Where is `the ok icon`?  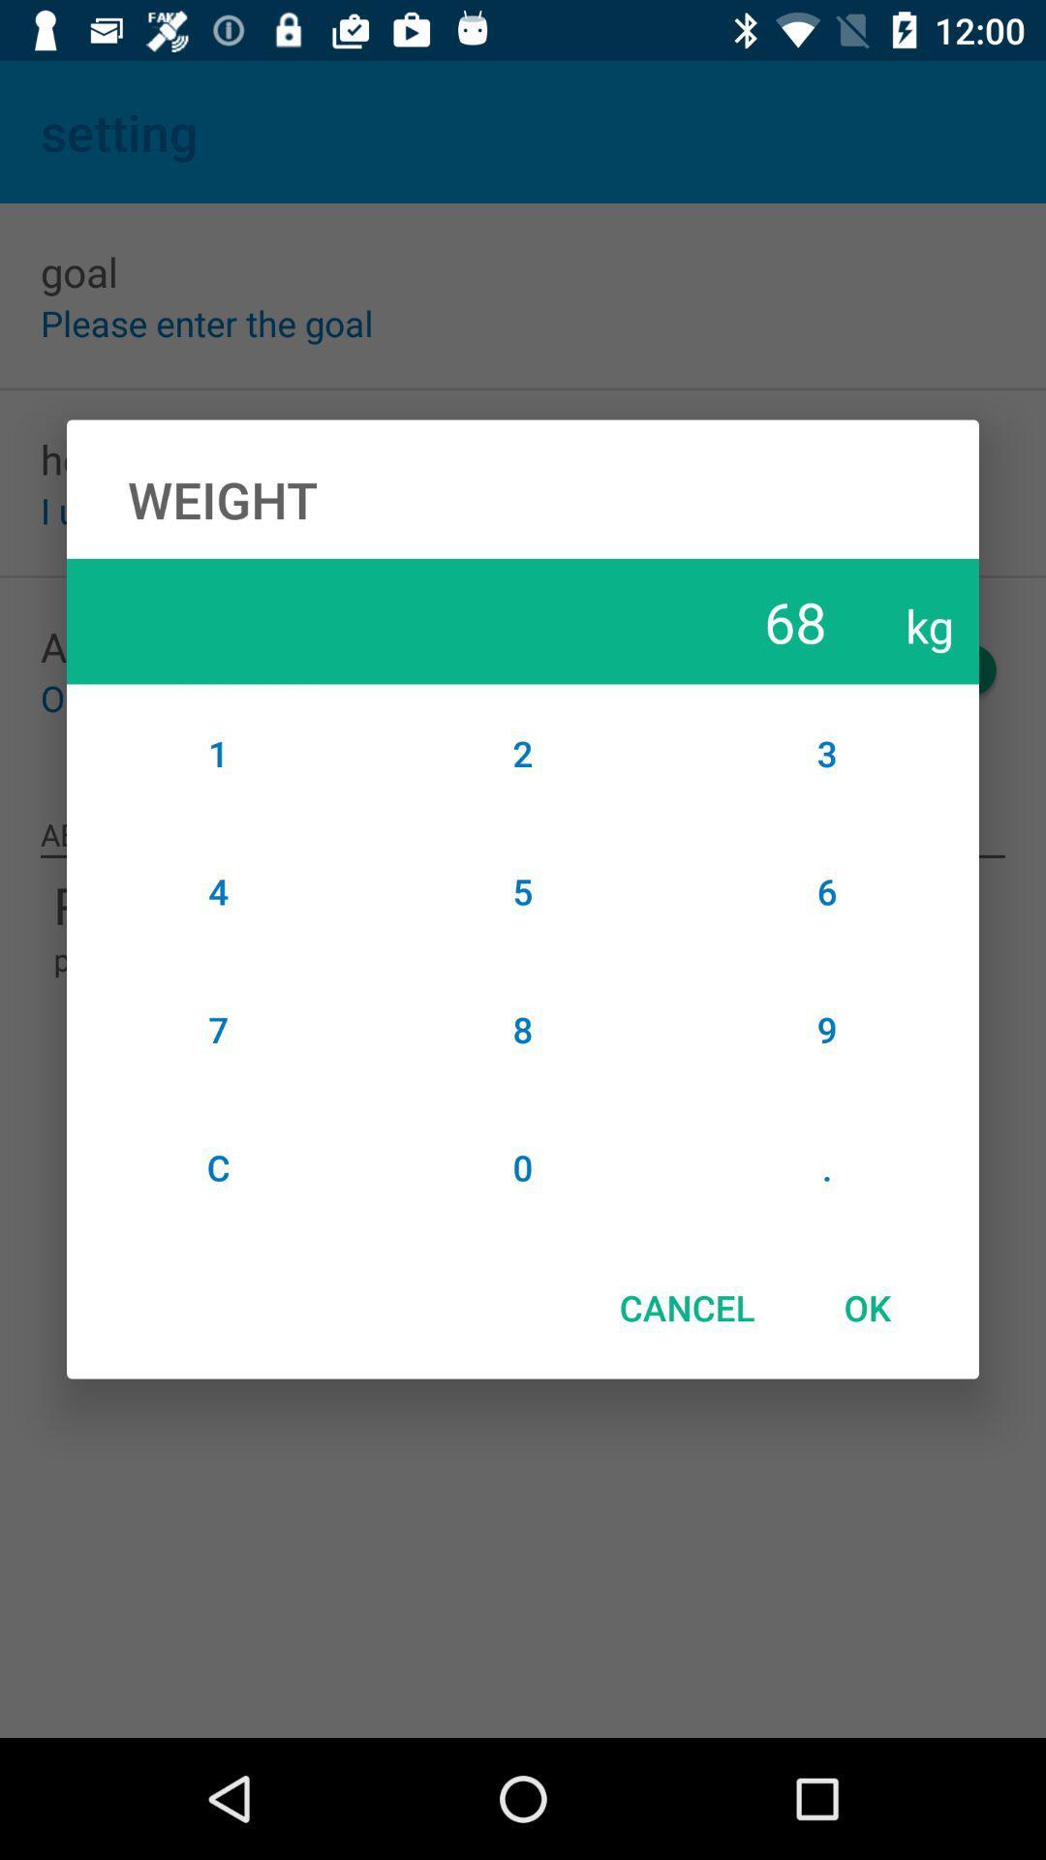 the ok icon is located at coordinates (866, 1307).